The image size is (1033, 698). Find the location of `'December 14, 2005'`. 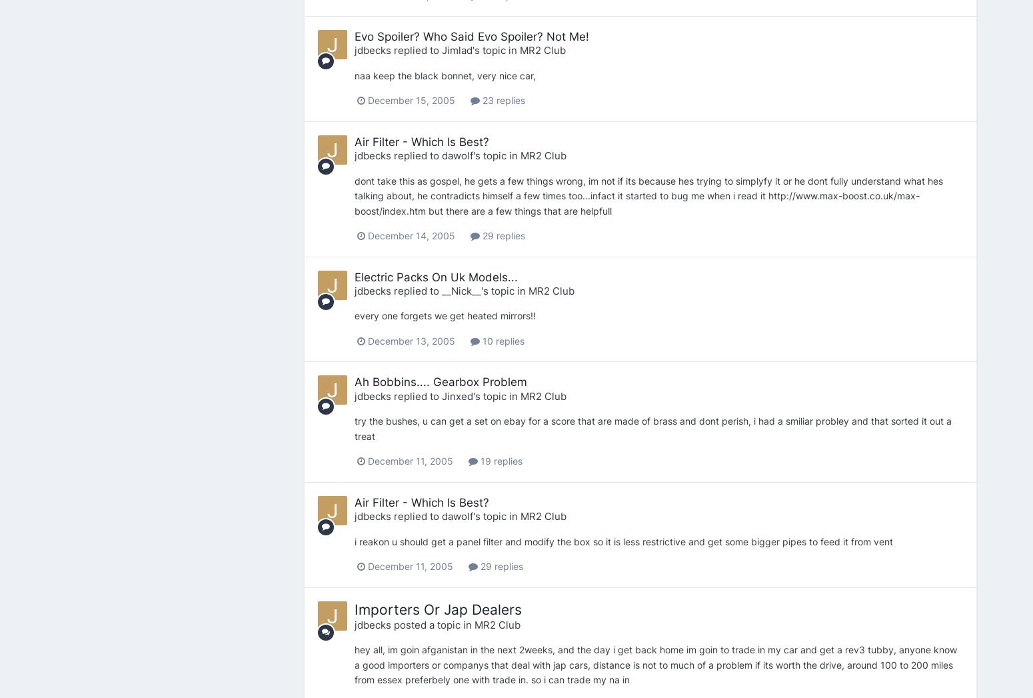

'December 14, 2005' is located at coordinates (411, 235).